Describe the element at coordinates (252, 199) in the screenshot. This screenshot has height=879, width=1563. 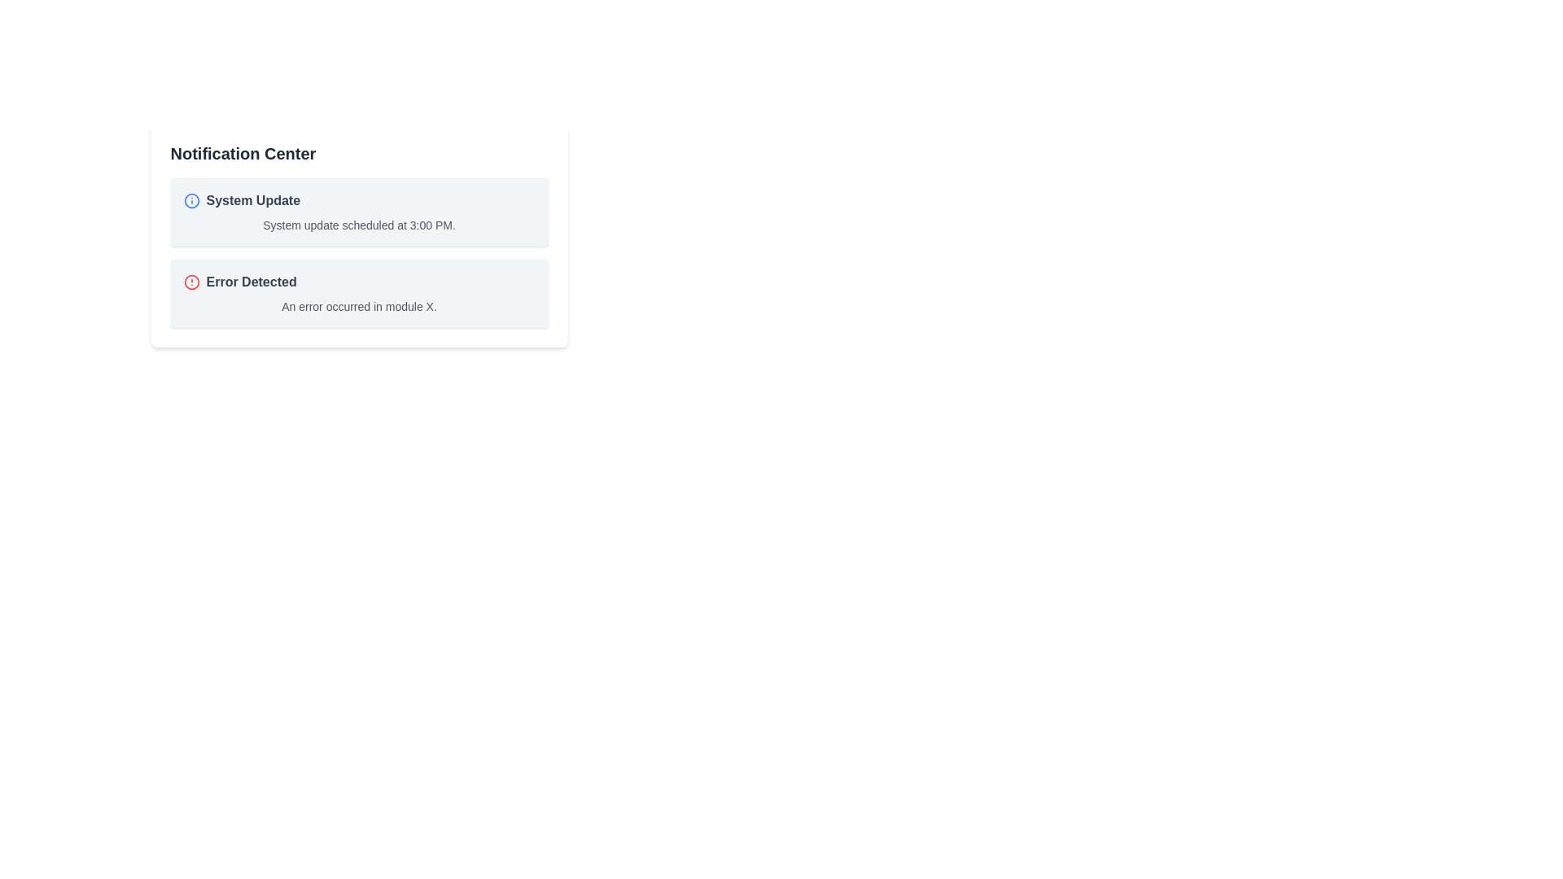
I see `text content of the primary text label located in the upper-left section of the notification card, which serves as the title or heading for the associated notification` at that location.